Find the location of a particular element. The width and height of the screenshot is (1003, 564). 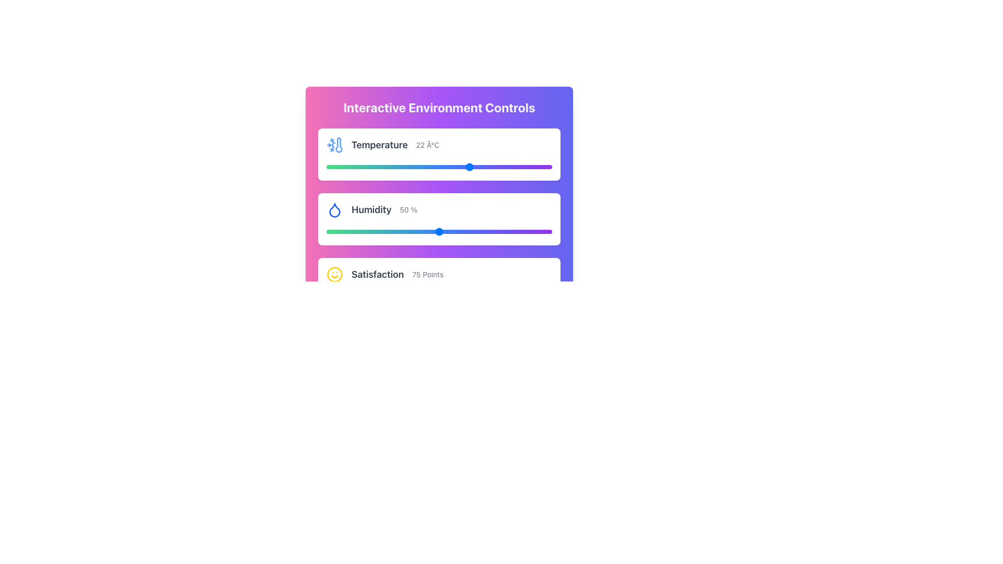

humidity is located at coordinates (380, 231).